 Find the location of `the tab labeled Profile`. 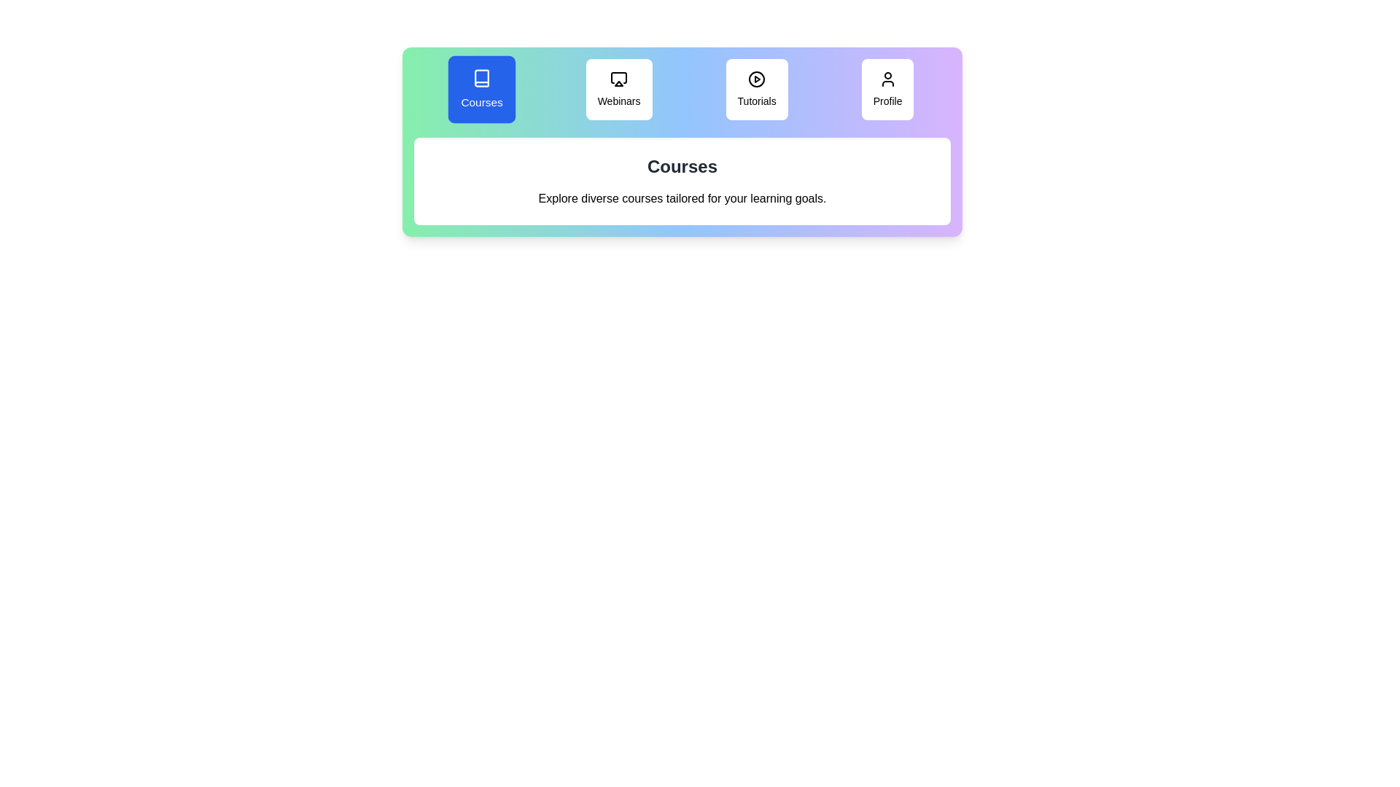

the tab labeled Profile is located at coordinates (887, 90).